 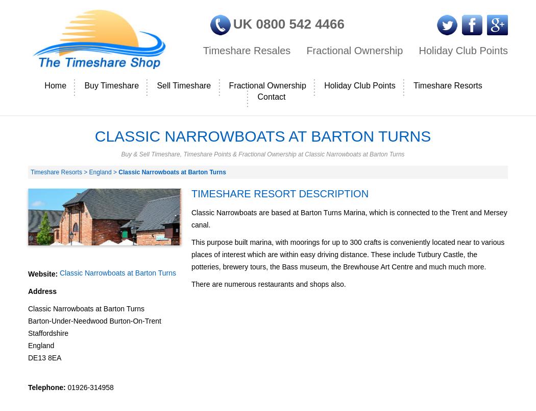 I want to click on 'Classic Narrowboats are based at Barton Turns Marina, which is connected to the Trent and Mersey canal.', so click(x=349, y=218).